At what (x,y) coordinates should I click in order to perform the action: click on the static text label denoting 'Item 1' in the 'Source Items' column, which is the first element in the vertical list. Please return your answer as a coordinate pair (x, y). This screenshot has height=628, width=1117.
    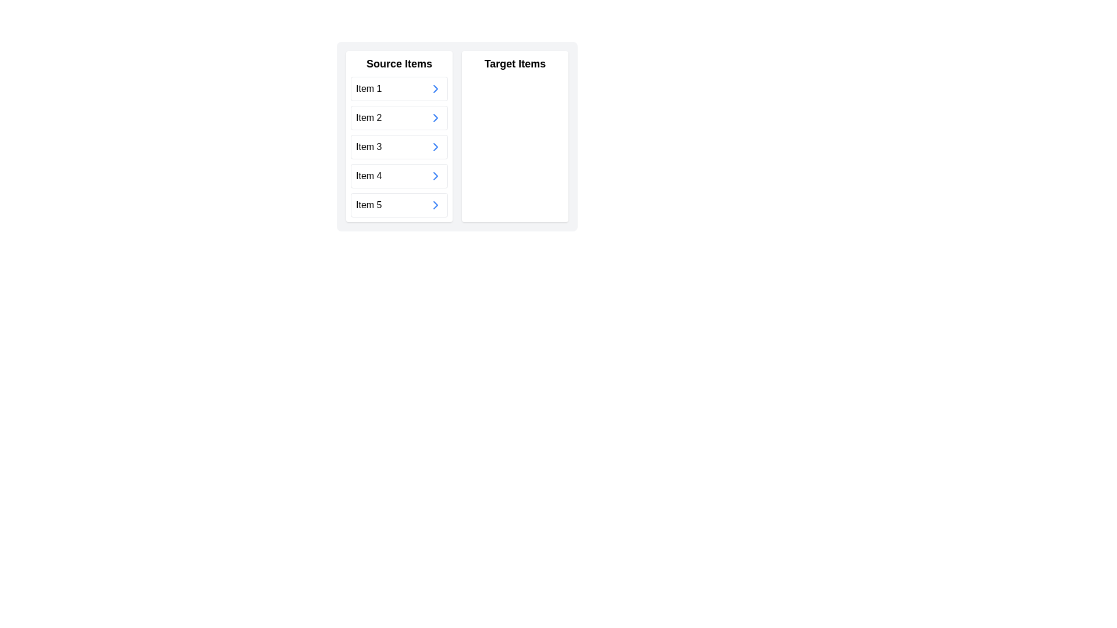
    Looking at the image, I should click on (368, 88).